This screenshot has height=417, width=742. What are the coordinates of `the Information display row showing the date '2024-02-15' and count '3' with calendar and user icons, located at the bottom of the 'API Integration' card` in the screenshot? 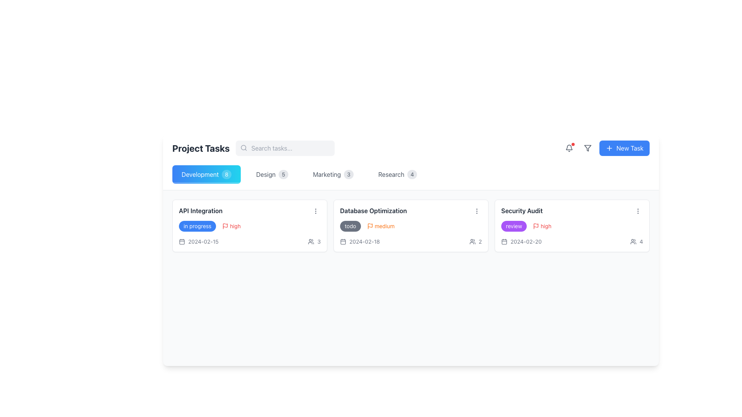 It's located at (250, 241).